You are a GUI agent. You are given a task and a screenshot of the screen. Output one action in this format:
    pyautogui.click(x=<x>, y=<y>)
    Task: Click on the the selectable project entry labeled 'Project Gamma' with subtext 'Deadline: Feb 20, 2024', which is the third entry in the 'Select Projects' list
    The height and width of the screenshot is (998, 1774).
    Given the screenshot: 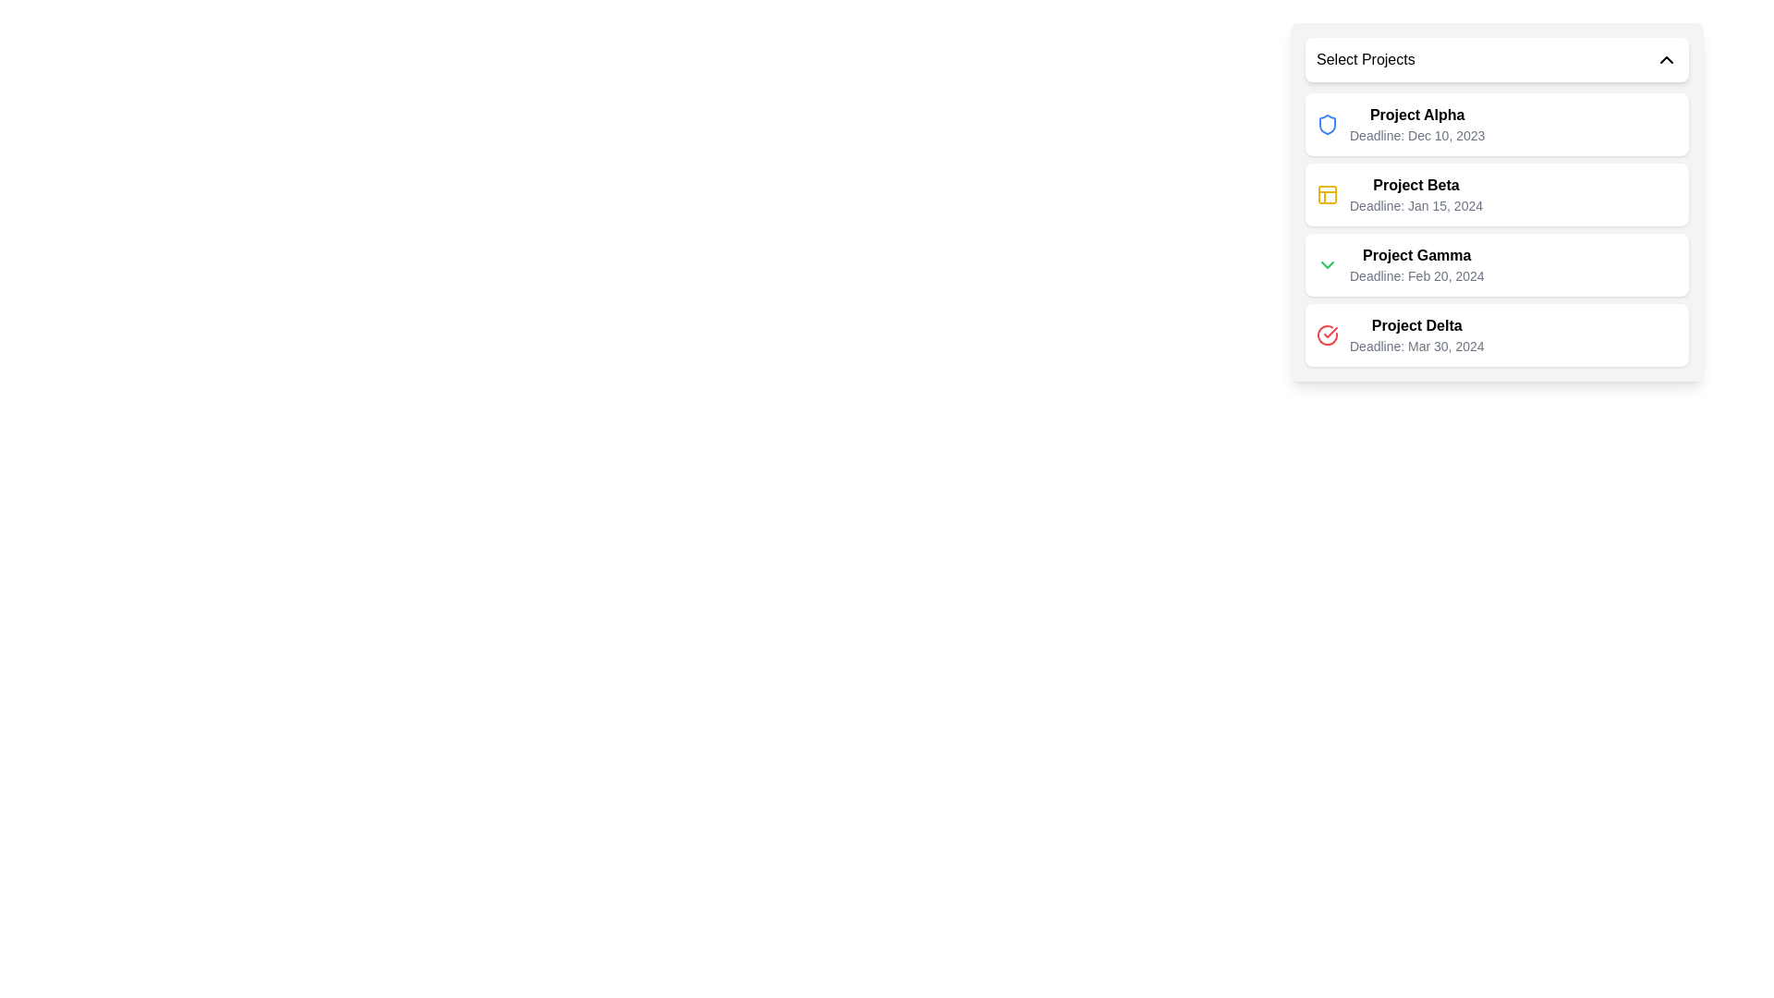 What is the action you would take?
    pyautogui.click(x=1497, y=264)
    